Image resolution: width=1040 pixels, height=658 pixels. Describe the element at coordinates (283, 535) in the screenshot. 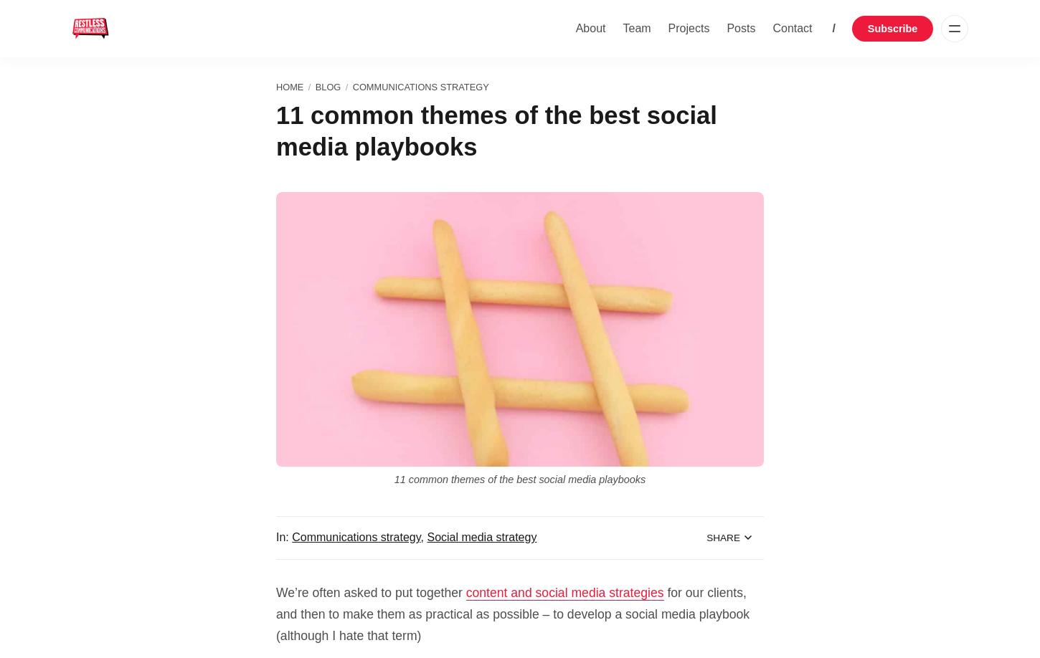

I see `'In:'` at that location.